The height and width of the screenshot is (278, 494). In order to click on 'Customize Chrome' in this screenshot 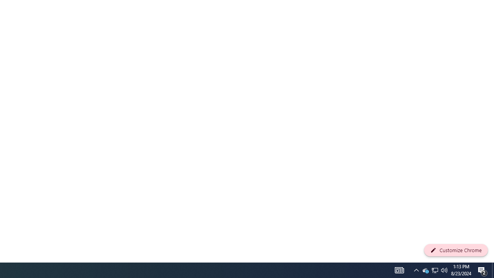, I will do `click(456, 250)`.